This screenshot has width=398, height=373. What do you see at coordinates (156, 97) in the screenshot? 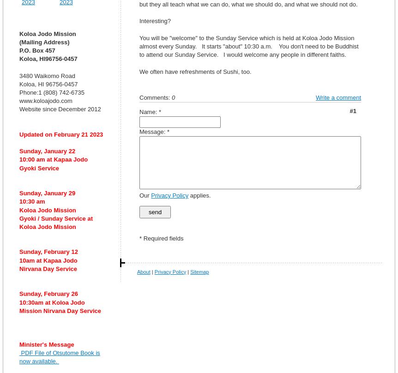
I see `'Comments:'` at bounding box center [156, 97].